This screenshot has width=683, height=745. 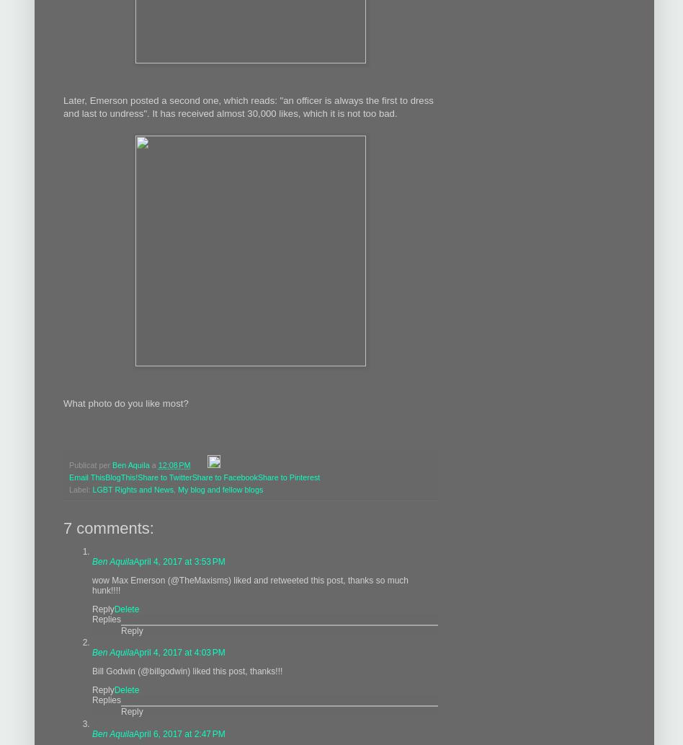 I want to click on '12:08 PM', so click(x=174, y=463).